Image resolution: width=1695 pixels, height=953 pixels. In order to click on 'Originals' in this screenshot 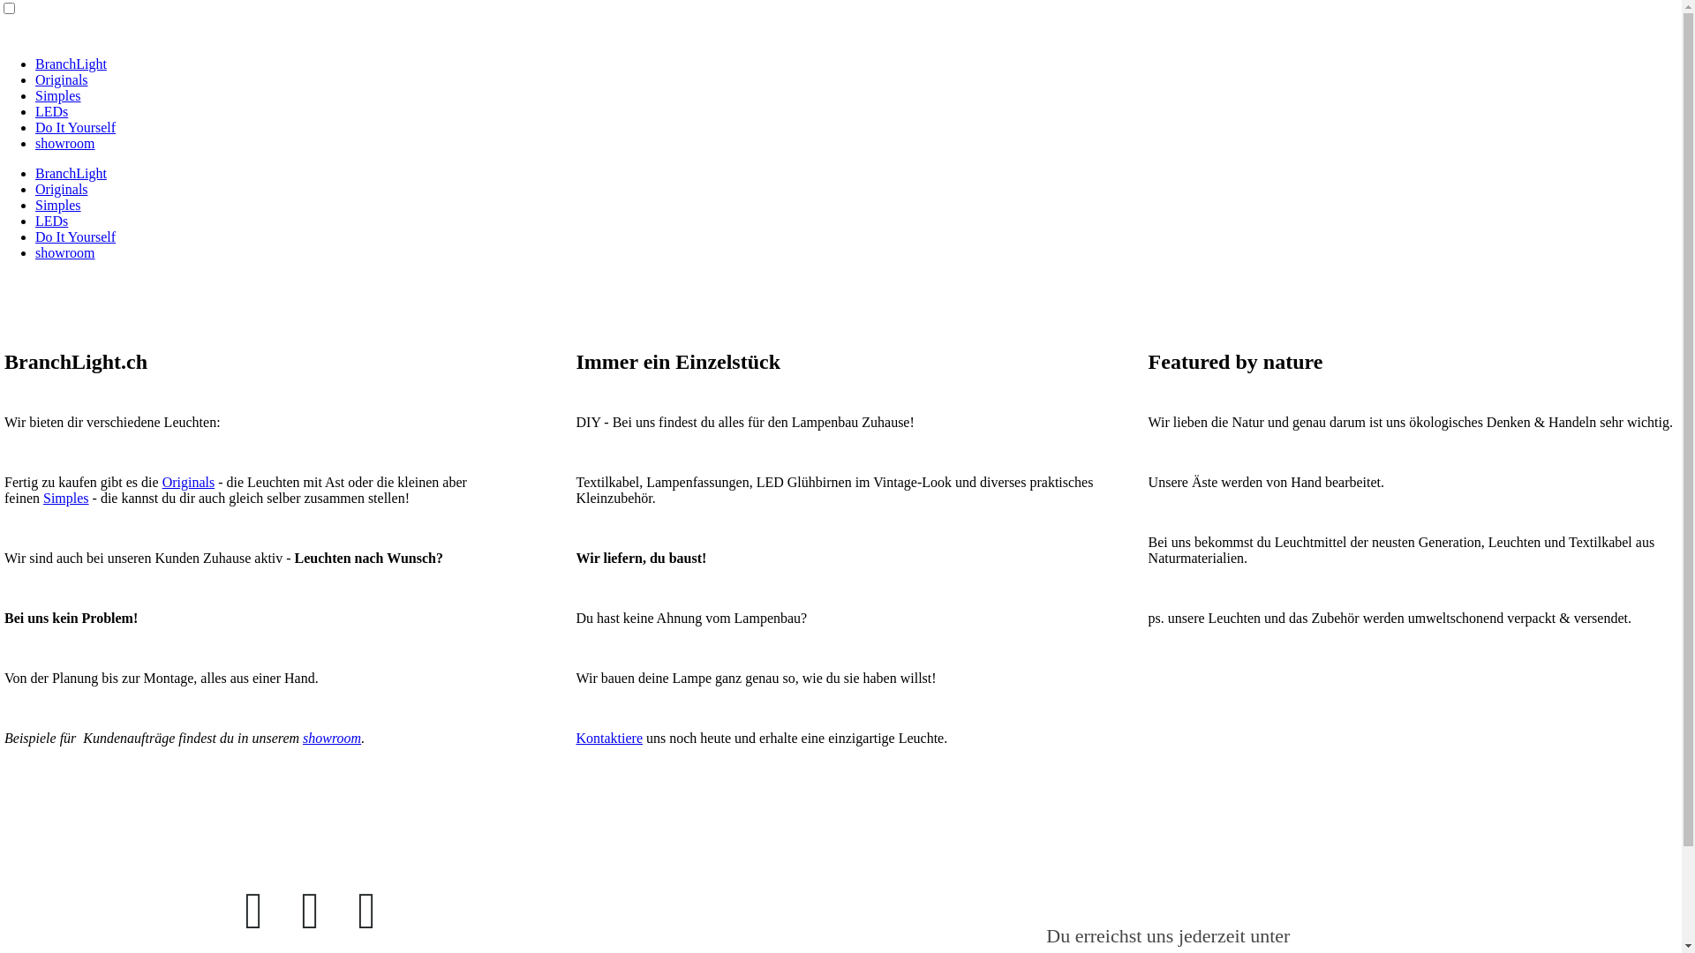, I will do `click(62, 189)`.